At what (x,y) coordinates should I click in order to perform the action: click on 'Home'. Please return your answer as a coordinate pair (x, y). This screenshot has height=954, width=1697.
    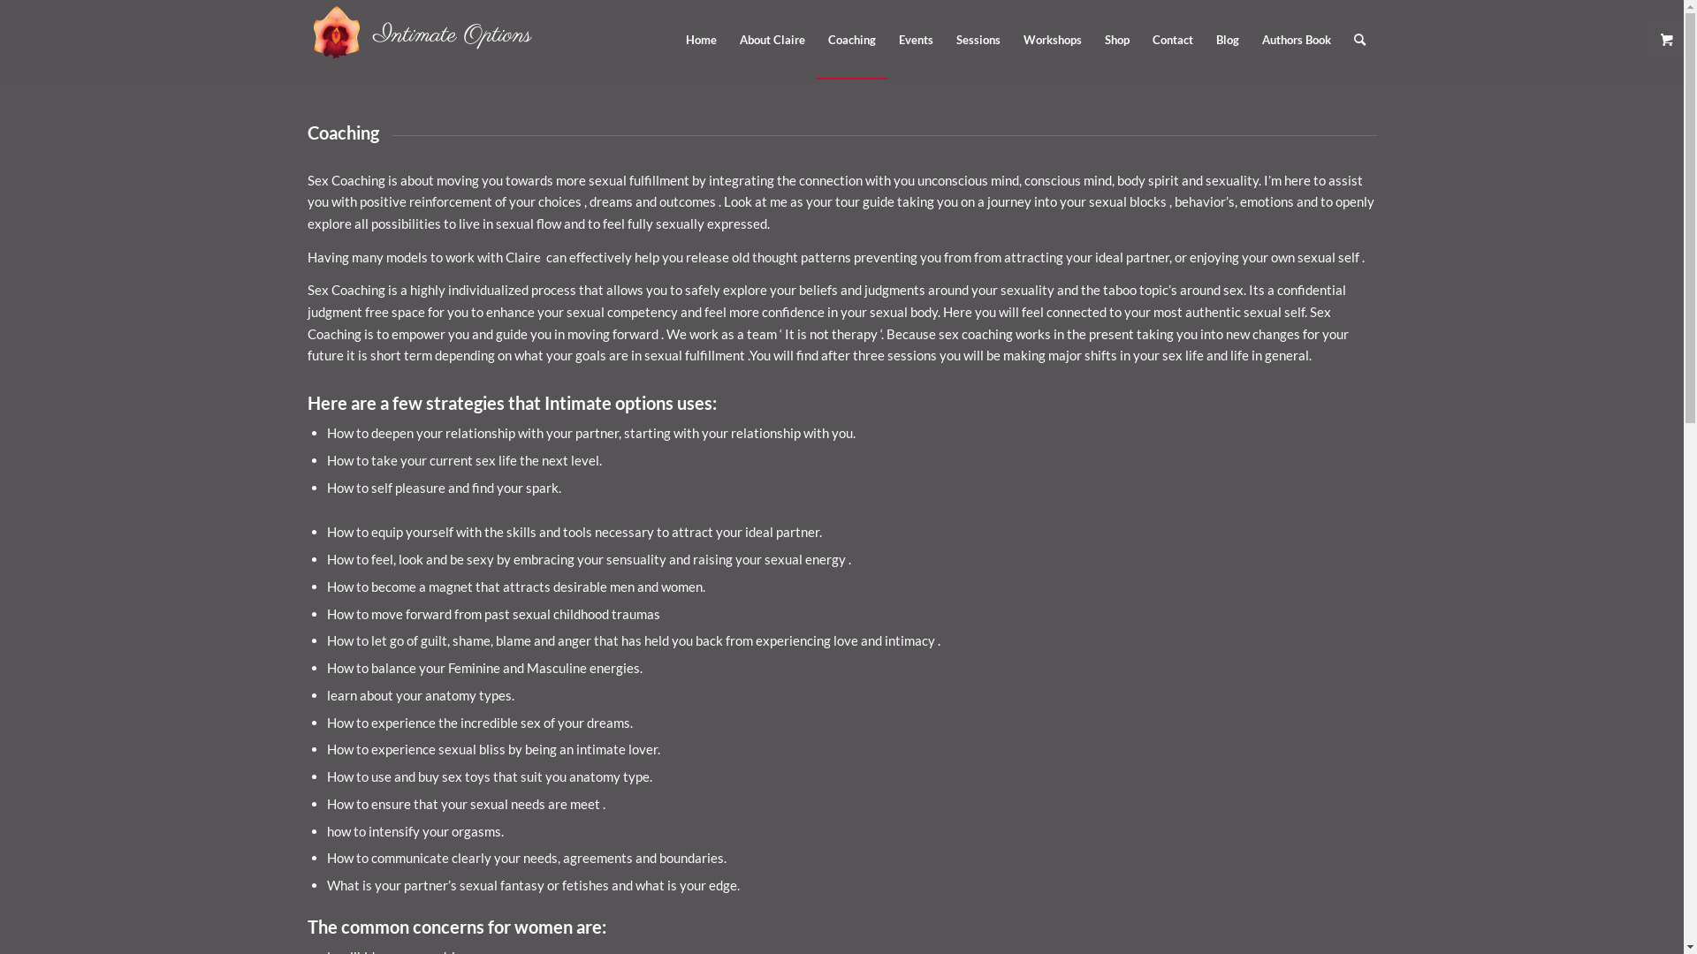
    Looking at the image, I should click on (699, 40).